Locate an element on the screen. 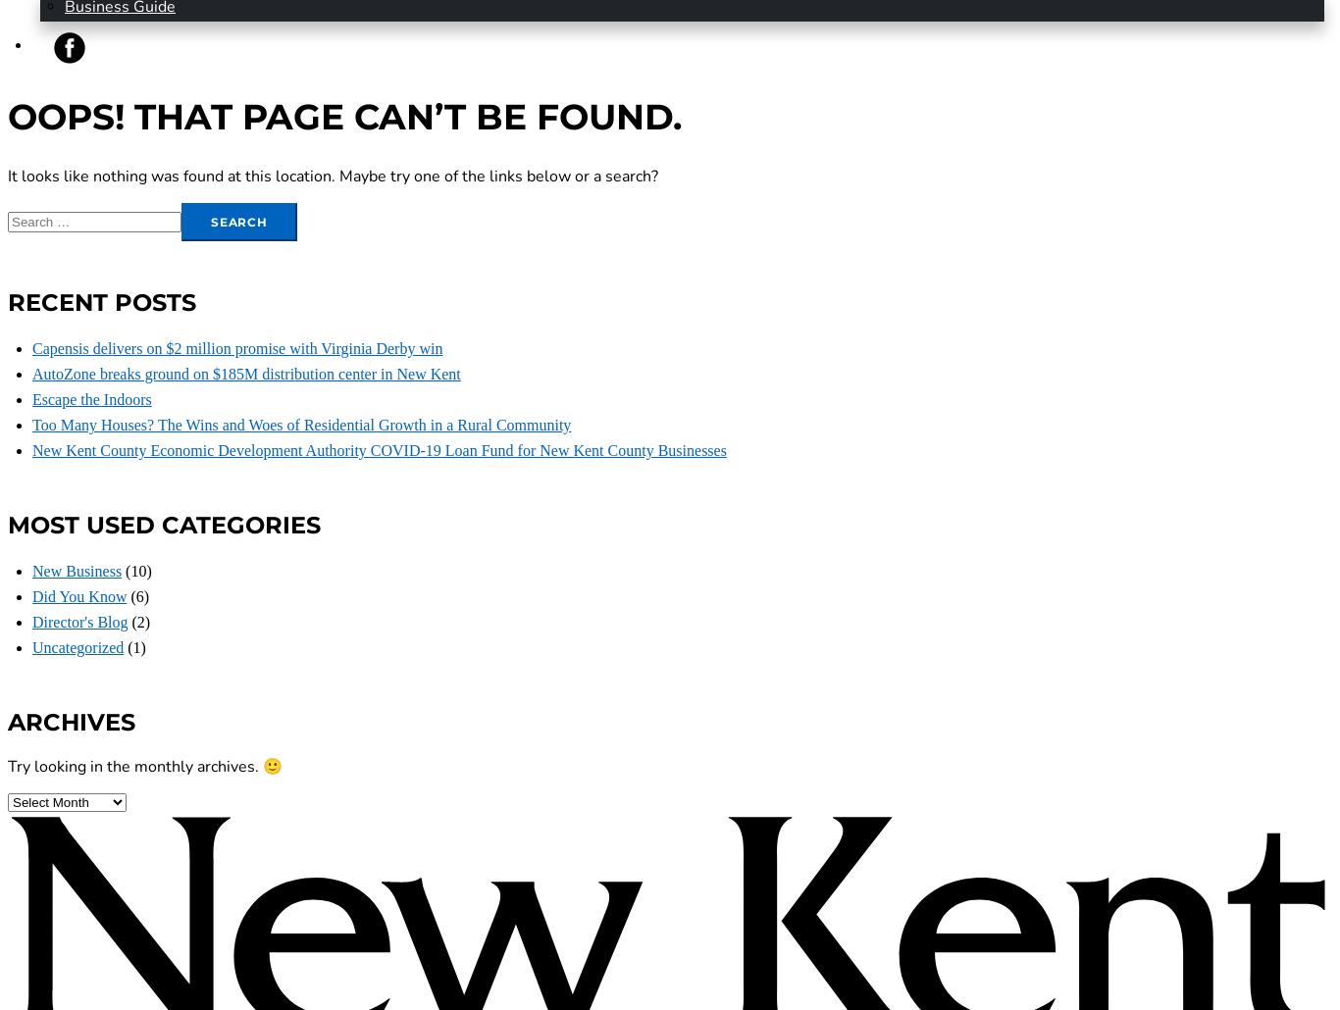 This screenshot has height=1010, width=1340. 'Did You Know' is located at coordinates (32, 595).